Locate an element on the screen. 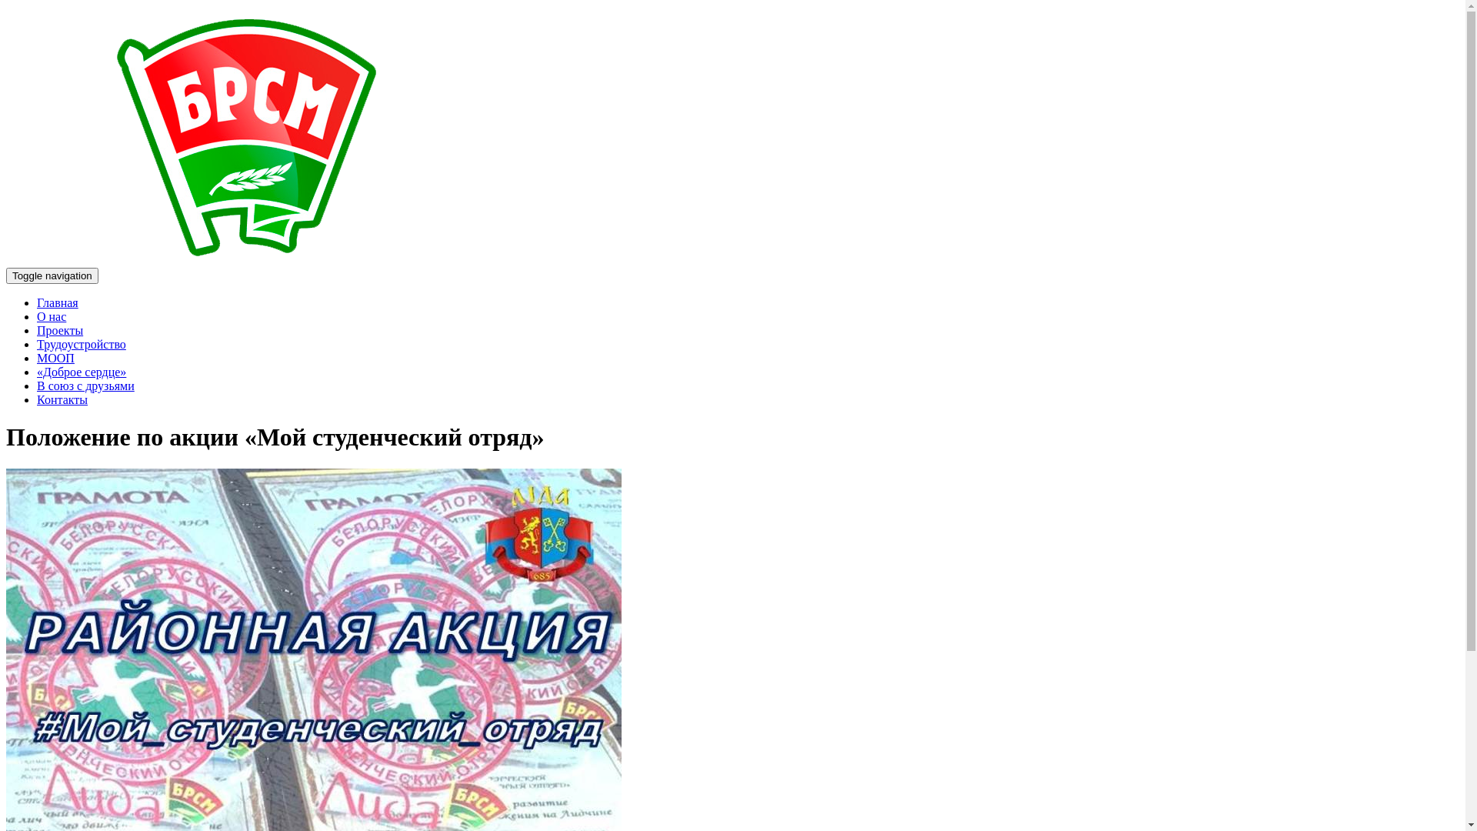 The height and width of the screenshot is (831, 1477). 'Toggle navigation' is located at coordinates (52, 275).